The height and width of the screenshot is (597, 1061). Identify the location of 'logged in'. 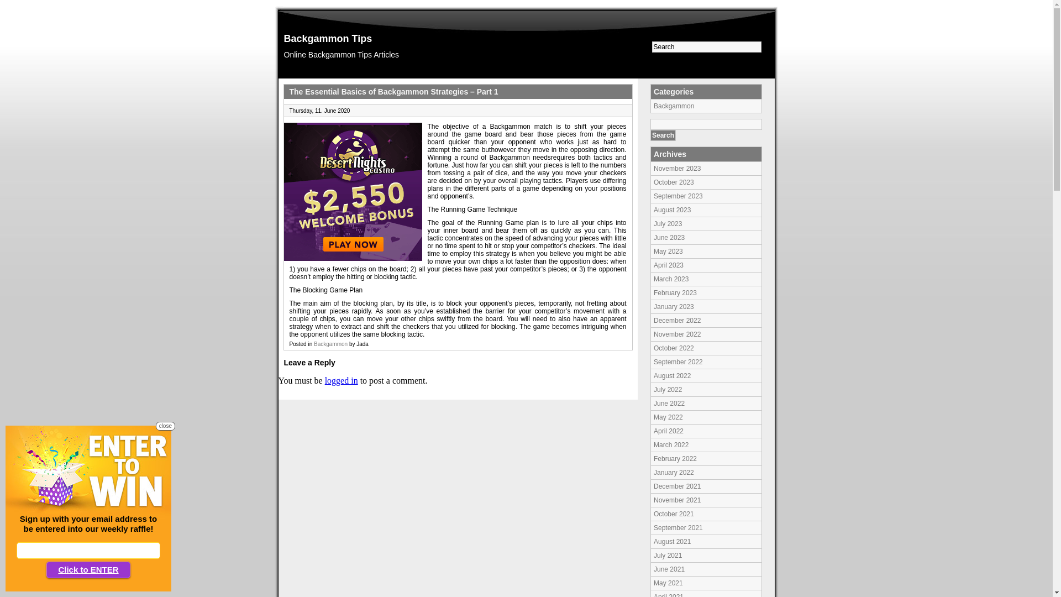
(341, 380).